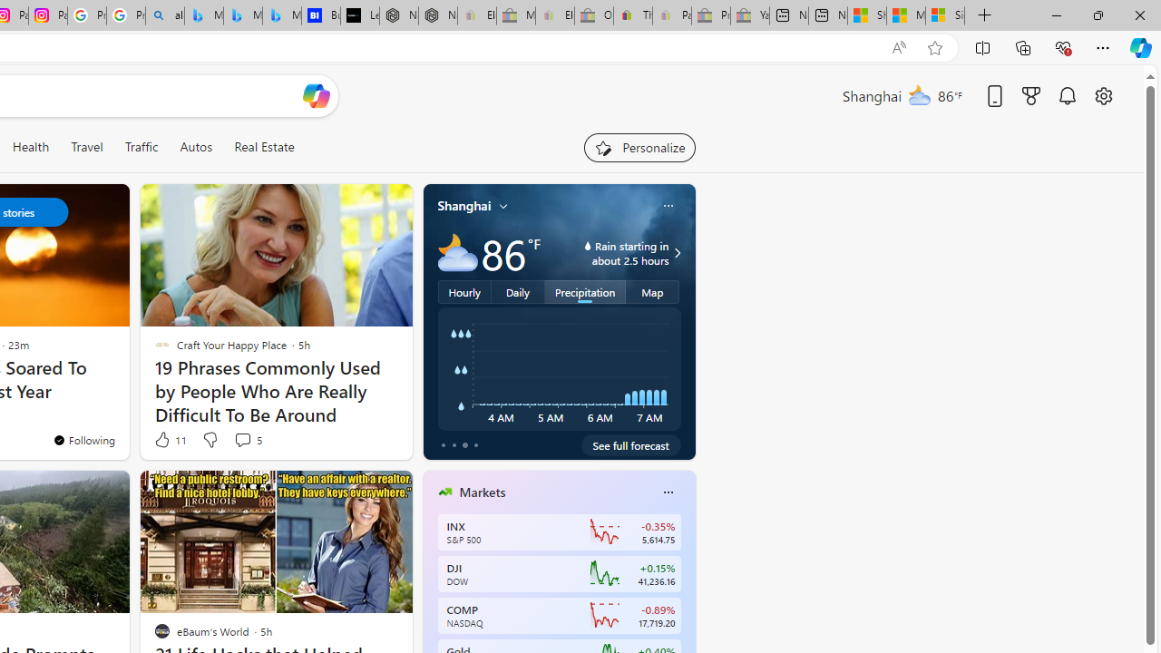  I want to click on 'Payments Terms of Use | eBay.com - Sleeping', so click(670, 15).